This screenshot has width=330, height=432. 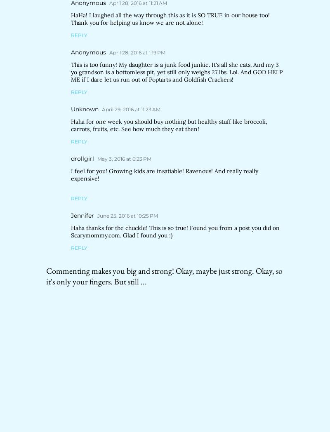 I want to click on 'Haha for one week you should buy nothing but healthy stuff like broccoli, carrots, fruits, etc. See how much they eat then!', so click(x=169, y=125).